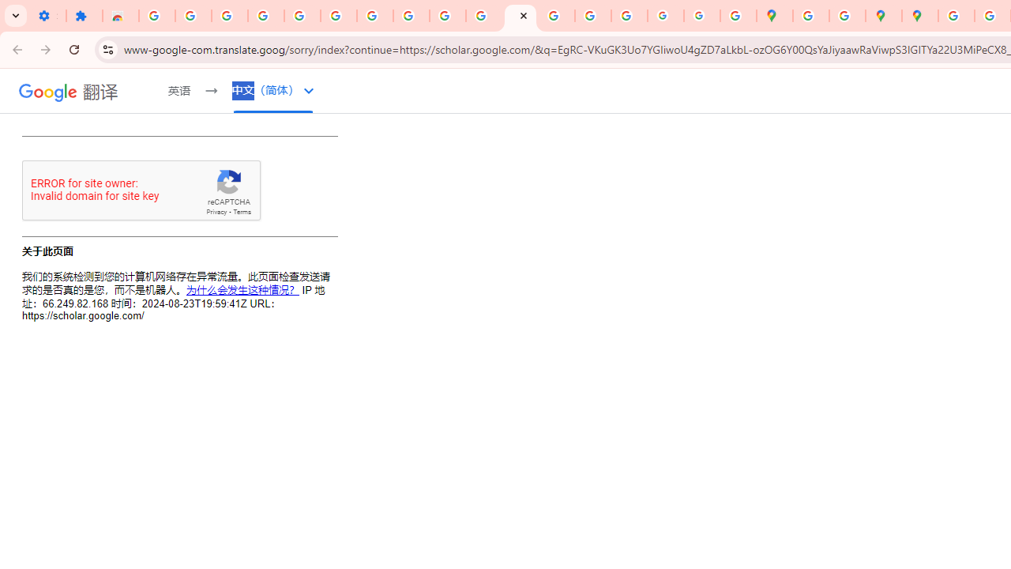  What do you see at coordinates (447, 16) in the screenshot?
I see `'YouTube'` at bounding box center [447, 16].